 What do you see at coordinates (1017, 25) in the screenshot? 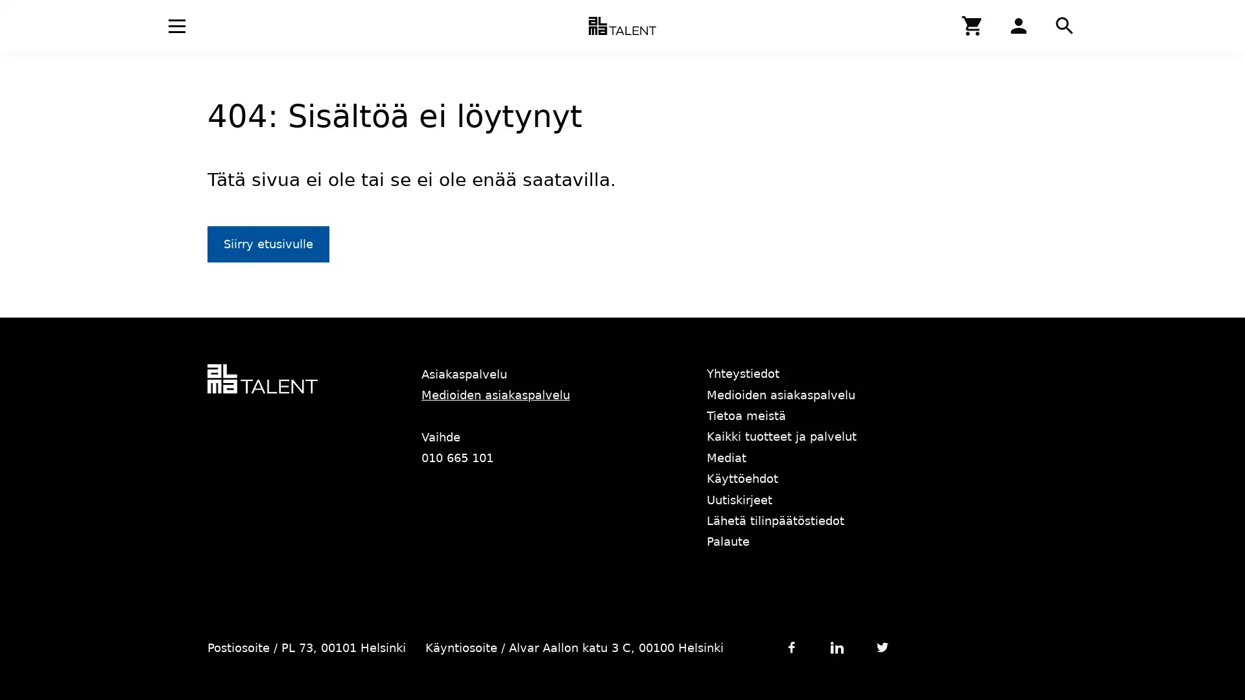
I see `Hae` at bounding box center [1017, 25].